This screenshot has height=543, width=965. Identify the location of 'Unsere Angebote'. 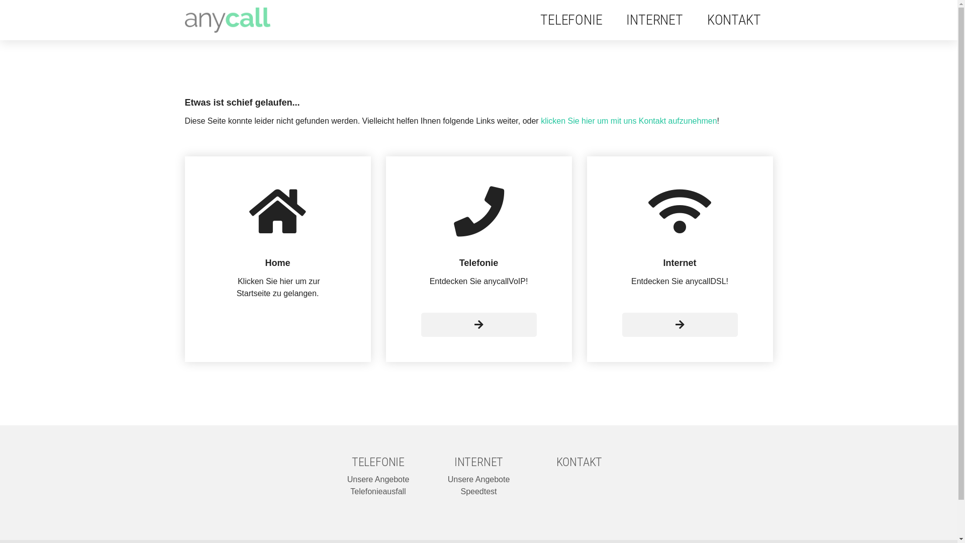
(347, 479).